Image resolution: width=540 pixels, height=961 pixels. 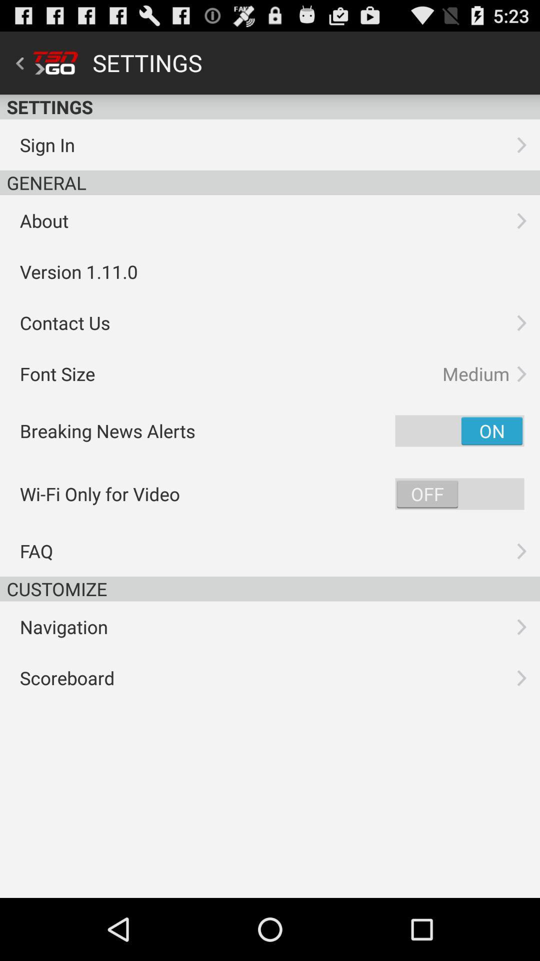 I want to click on wi-fi only for video, so click(x=459, y=494).